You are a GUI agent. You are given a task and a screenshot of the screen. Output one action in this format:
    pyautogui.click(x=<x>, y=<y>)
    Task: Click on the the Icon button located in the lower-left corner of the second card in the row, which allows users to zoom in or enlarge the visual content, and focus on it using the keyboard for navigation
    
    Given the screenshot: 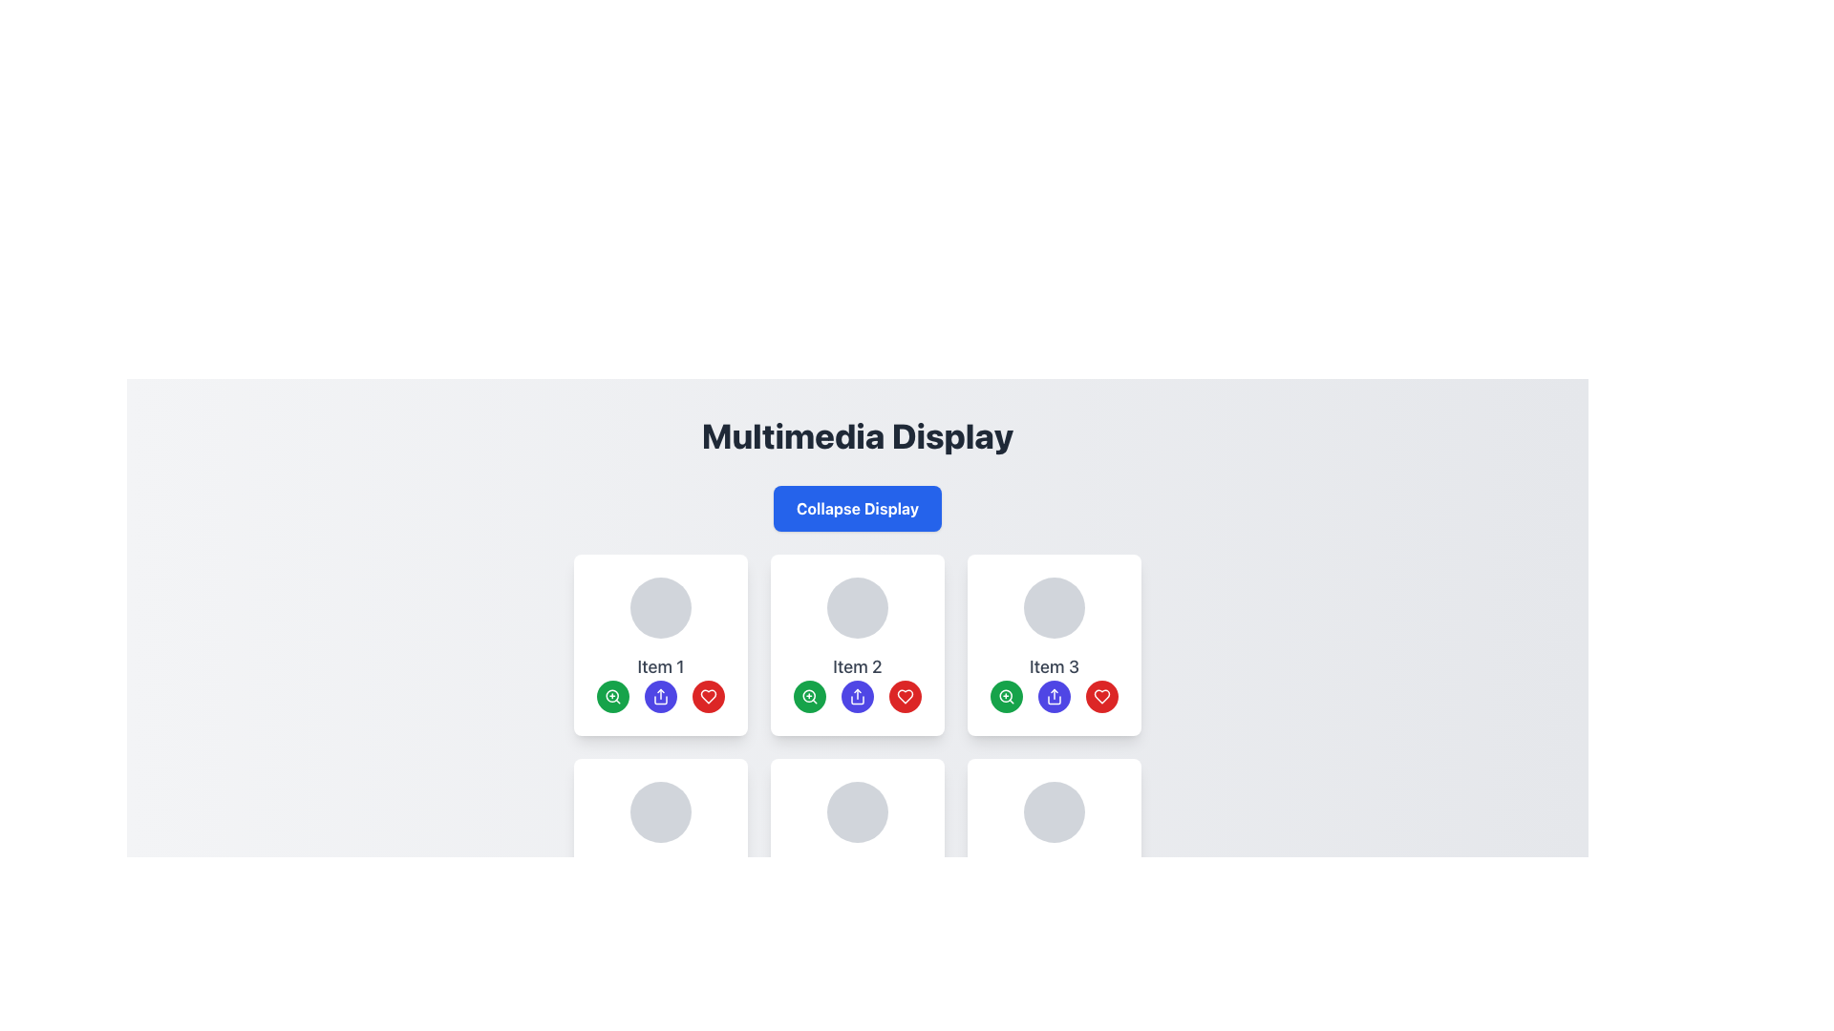 What is the action you would take?
    pyautogui.click(x=809, y=696)
    